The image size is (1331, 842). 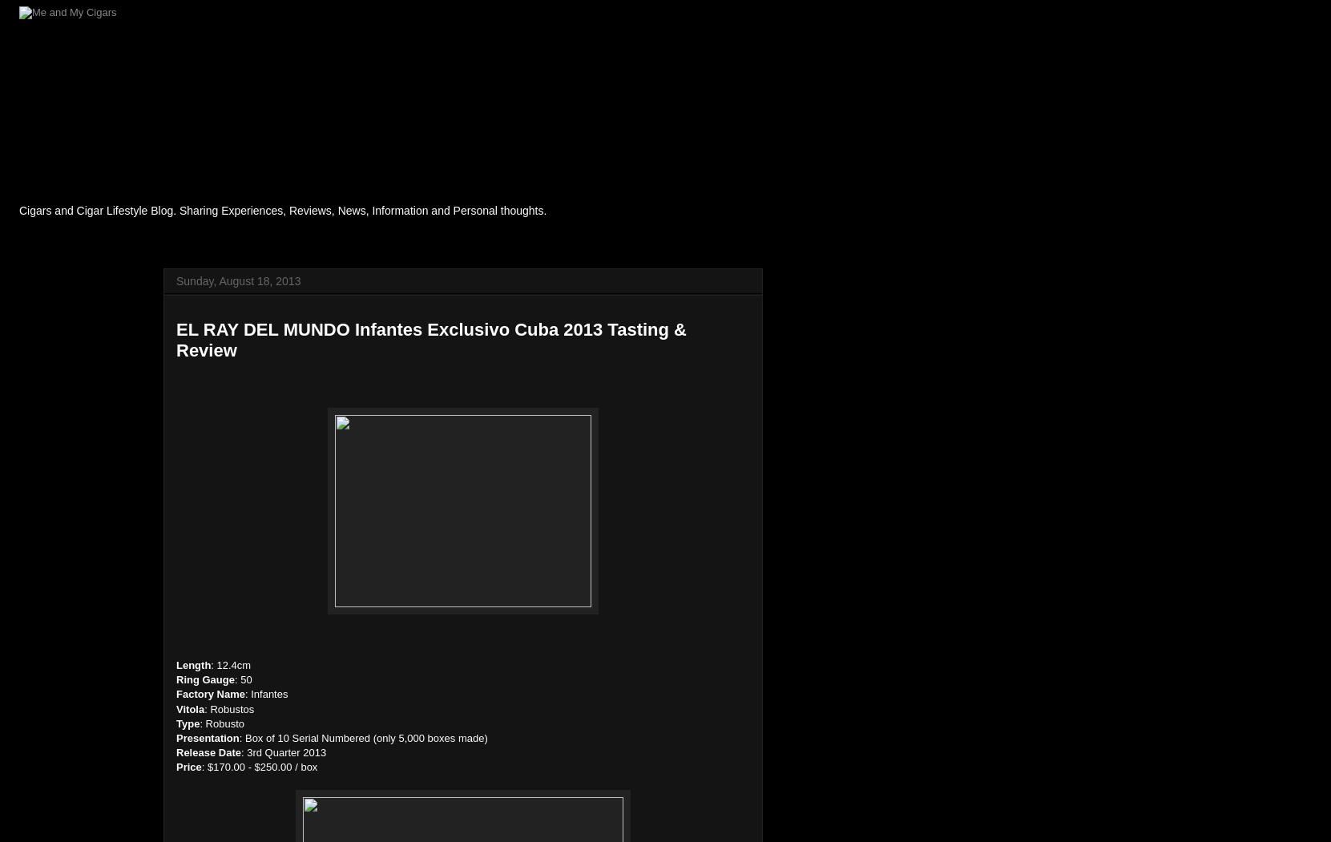 What do you see at coordinates (282, 210) in the screenshot?
I see `'Cigars and Cigar Lifestyle Blog. Sharing Experiences, Reviews, News, Information and Personal thoughts.'` at bounding box center [282, 210].